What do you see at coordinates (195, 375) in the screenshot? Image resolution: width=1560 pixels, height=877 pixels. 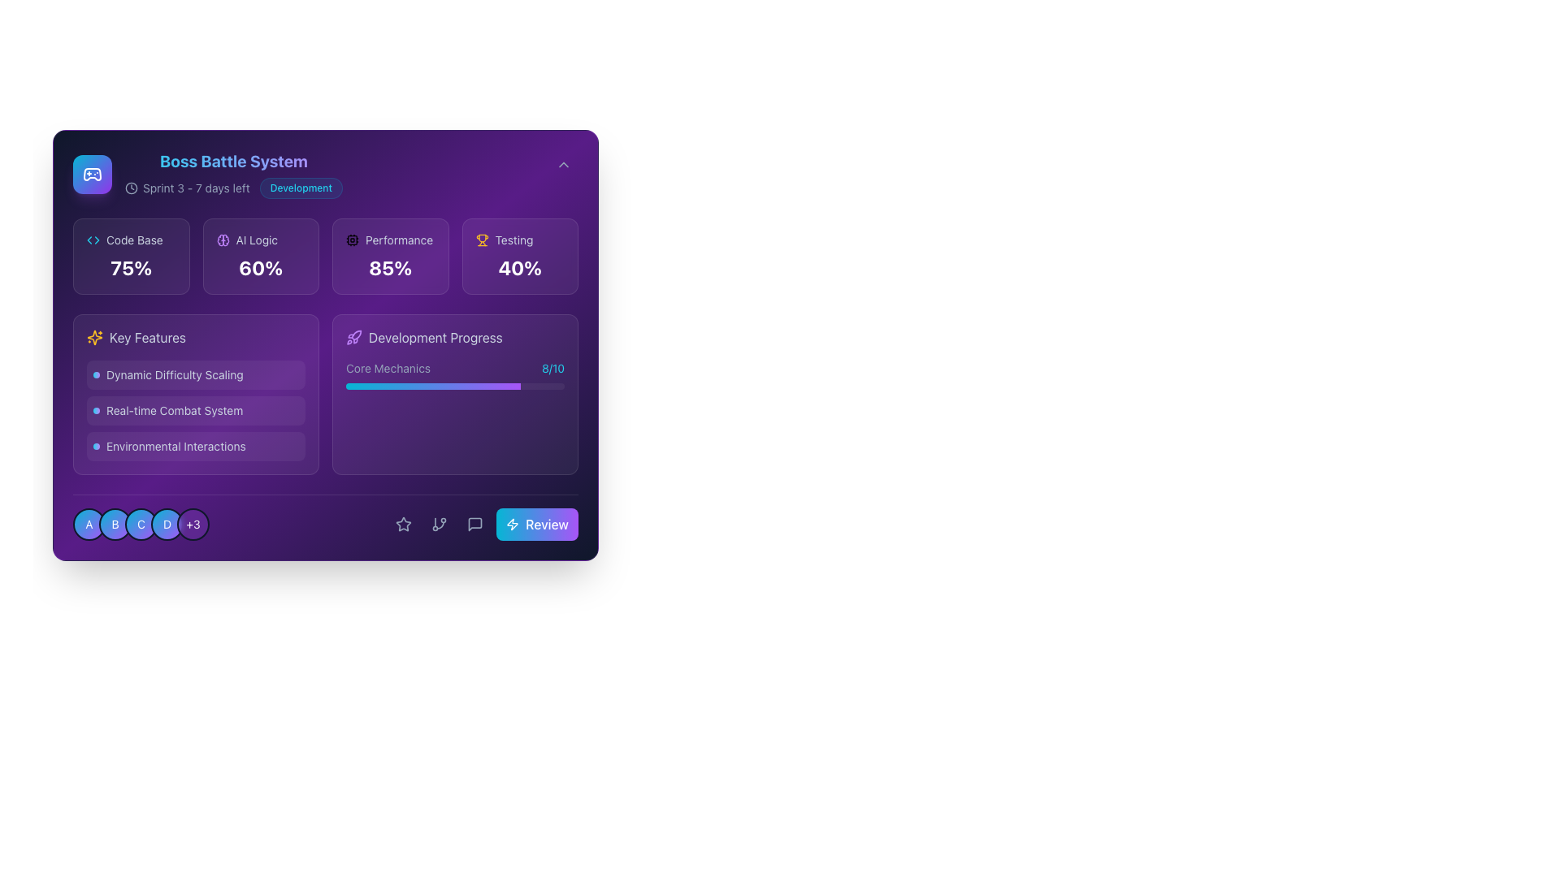 I see `the first list item labeled 'Dynamic Difficulty Scaling' which has a light gray text color and a circular gradient dot icon transitioning from cyan to purple, located in the 'Key Features' section` at bounding box center [195, 375].